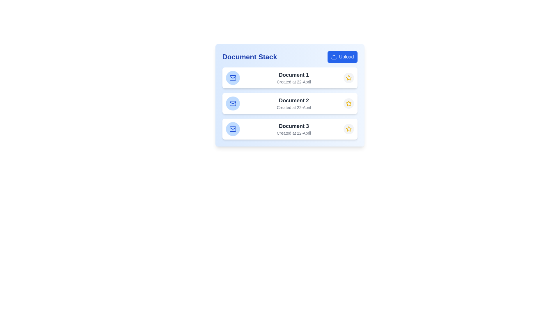 The height and width of the screenshot is (314, 559). Describe the element at coordinates (349, 103) in the screenshot. I see `the yellow star icon at the far-right end of the second row in the 'Document Stack'` at that location.